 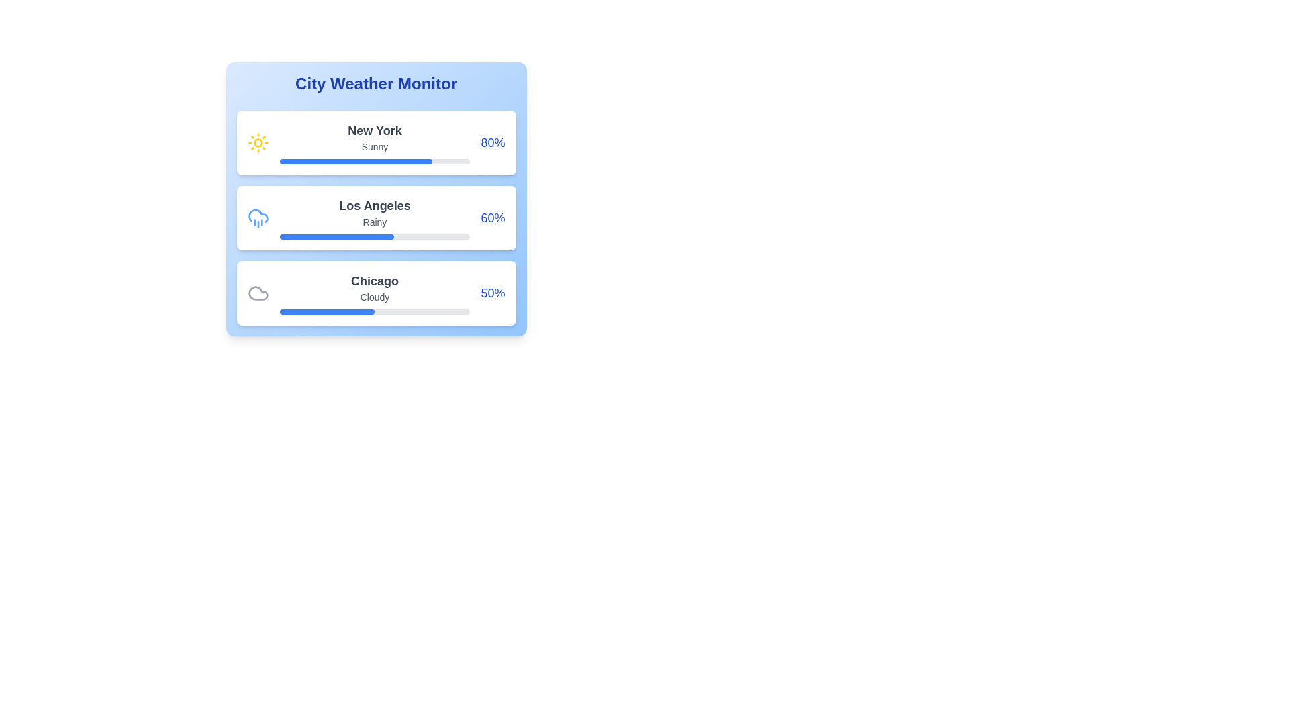 I want to click on the progress bar indicating 80% completion located in the first card below the 'New York' text, so click(x=356, y=160).